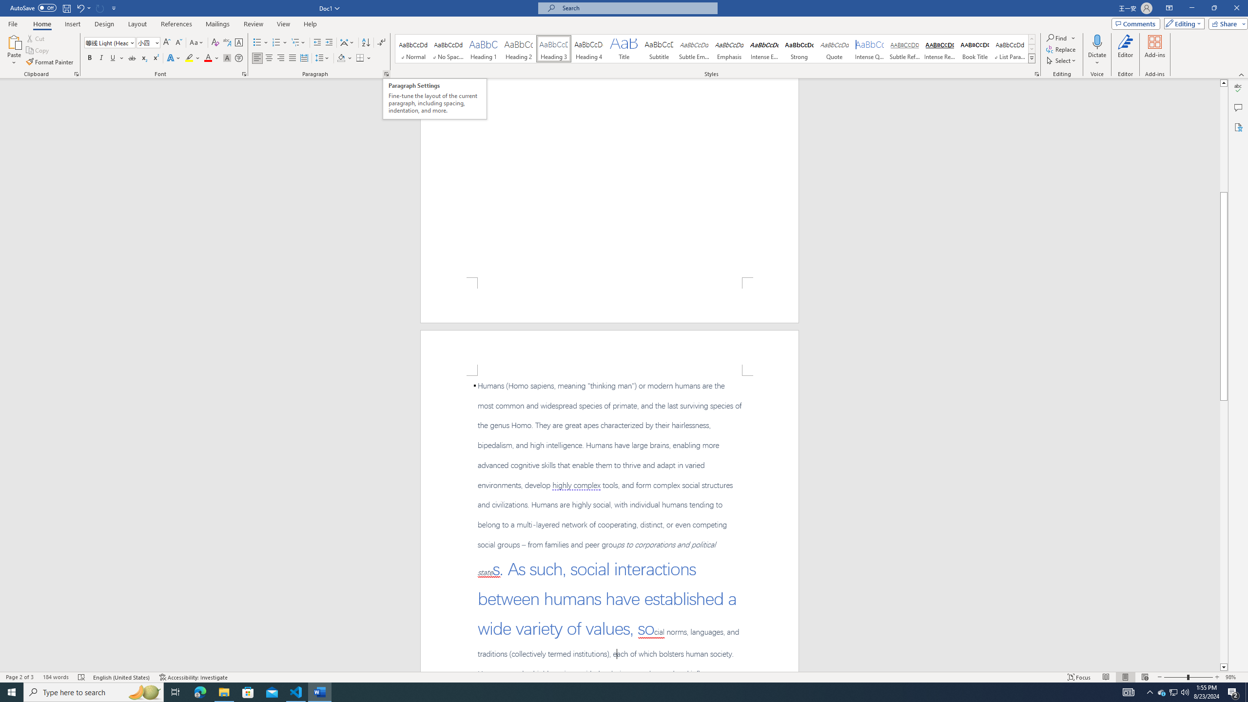 The height and width of the screenshot is (702, 1248). I want to click on 'Line and Paragraph Spacing', so click(323, 58).